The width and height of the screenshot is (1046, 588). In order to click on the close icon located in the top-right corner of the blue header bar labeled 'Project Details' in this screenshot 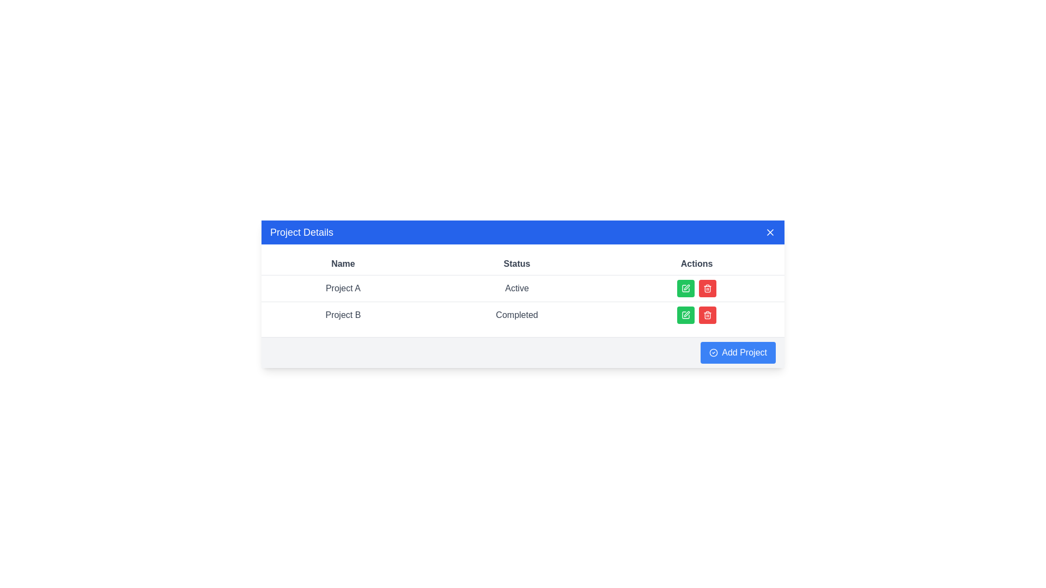, I will do `click(770, 231)`.